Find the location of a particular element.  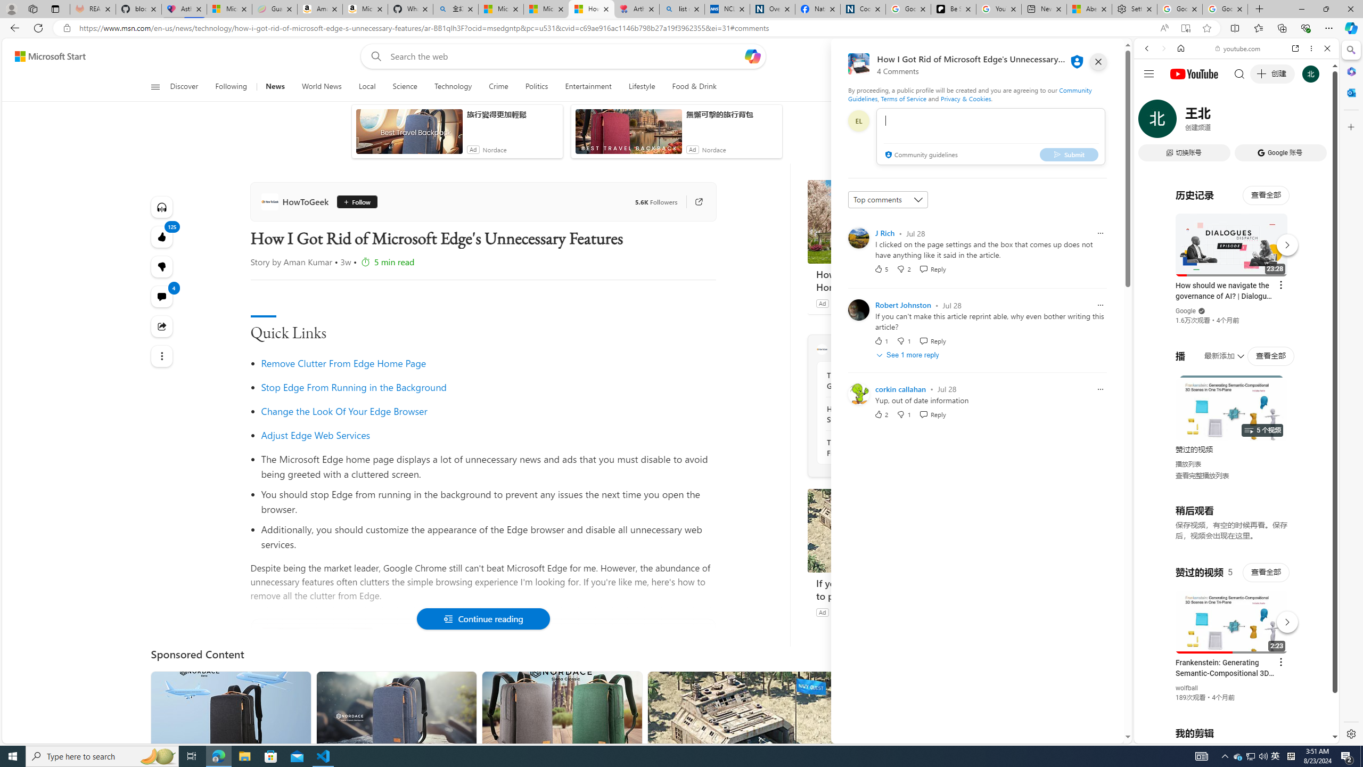

'list of asthma inhalers uk - Search' is located at coordinates (681, 9).